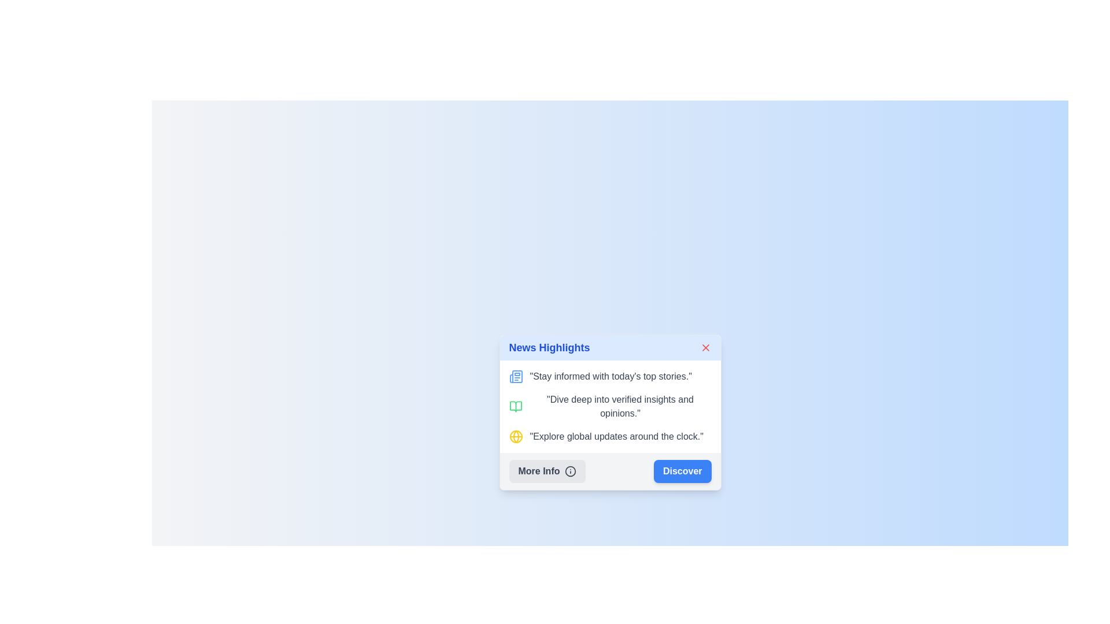 The image size is (1110, 624). Describe the element at coordinates (515, 437) in the screenshot. I see `the middle globe icon in the News Highlights panel, which is a yellow SVG graphical representation of a globe` at that location.